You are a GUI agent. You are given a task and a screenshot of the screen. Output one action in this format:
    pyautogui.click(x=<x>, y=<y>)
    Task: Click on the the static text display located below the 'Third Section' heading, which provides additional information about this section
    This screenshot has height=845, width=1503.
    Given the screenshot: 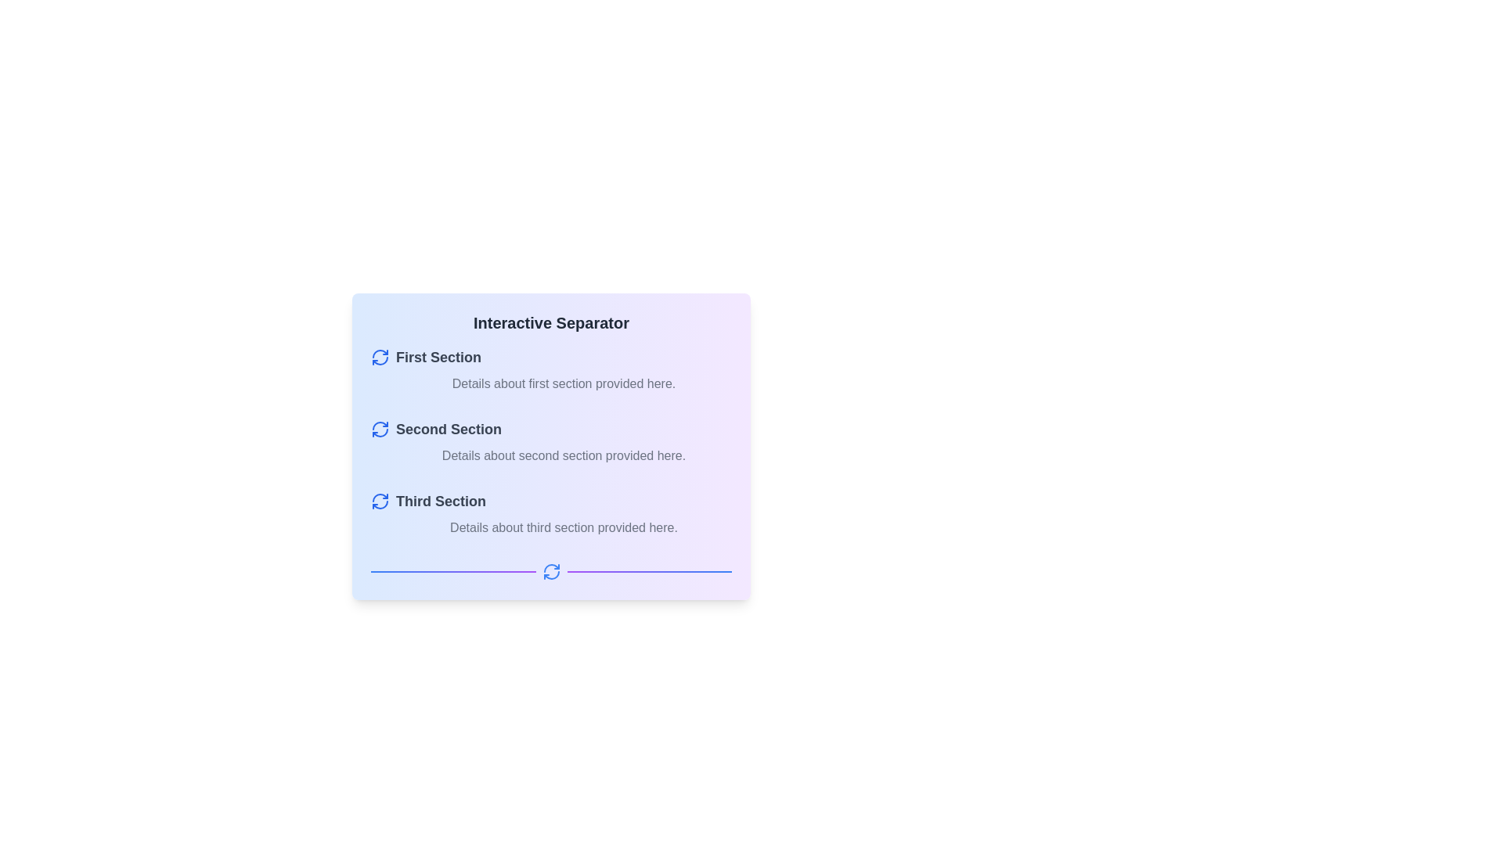 What is the action you would take?
    pyautogui.click(x=564, y=528)
    